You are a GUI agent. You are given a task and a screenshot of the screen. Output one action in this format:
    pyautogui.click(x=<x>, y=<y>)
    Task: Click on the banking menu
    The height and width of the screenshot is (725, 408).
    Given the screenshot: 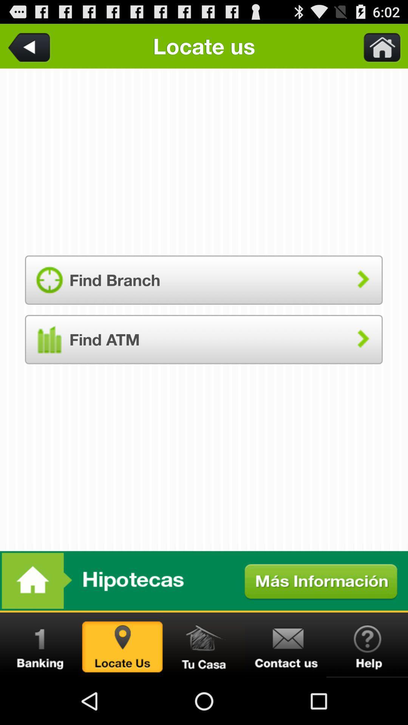 What is the action you would take?
    pyautogui.click(x=41, y=645)
    